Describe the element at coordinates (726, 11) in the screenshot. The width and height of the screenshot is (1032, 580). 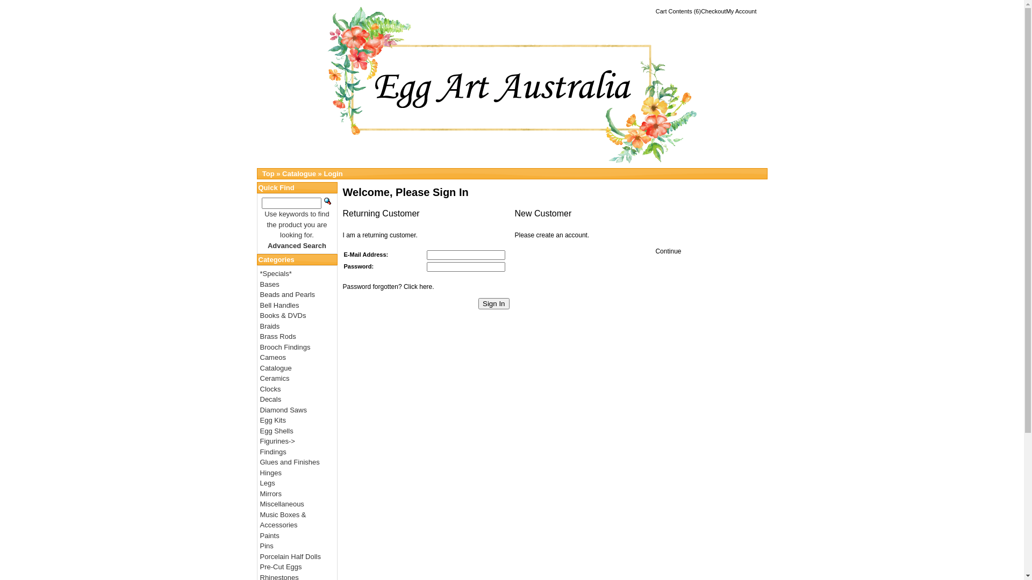
I see `'My Account'` at that location.